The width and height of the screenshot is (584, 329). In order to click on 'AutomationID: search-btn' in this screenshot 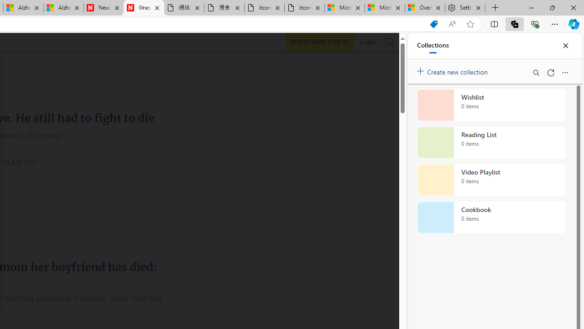, I will do `click(390, 42)`.